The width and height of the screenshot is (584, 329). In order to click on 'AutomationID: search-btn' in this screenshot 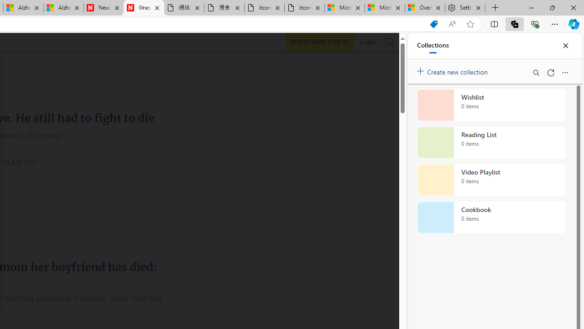, I will do `click(390, 42)`.